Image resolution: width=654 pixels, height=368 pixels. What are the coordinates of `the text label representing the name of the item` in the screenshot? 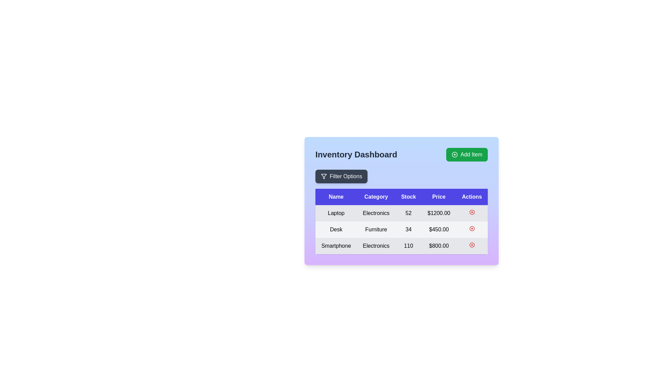 It's located at (336, 230).